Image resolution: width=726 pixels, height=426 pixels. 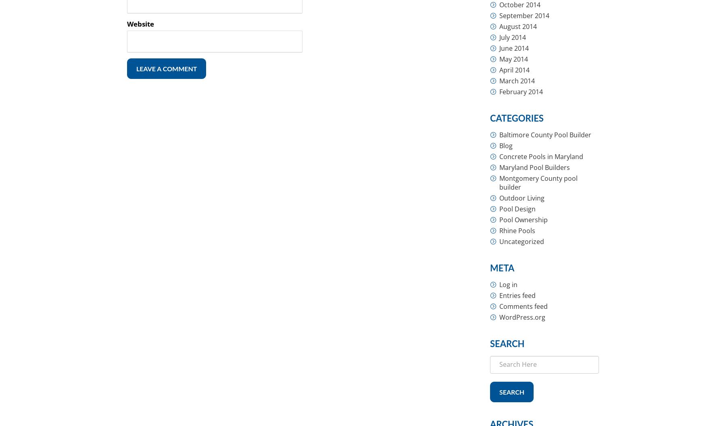 I want to click on 'Outdoor Living', so click(x=522, y=197).